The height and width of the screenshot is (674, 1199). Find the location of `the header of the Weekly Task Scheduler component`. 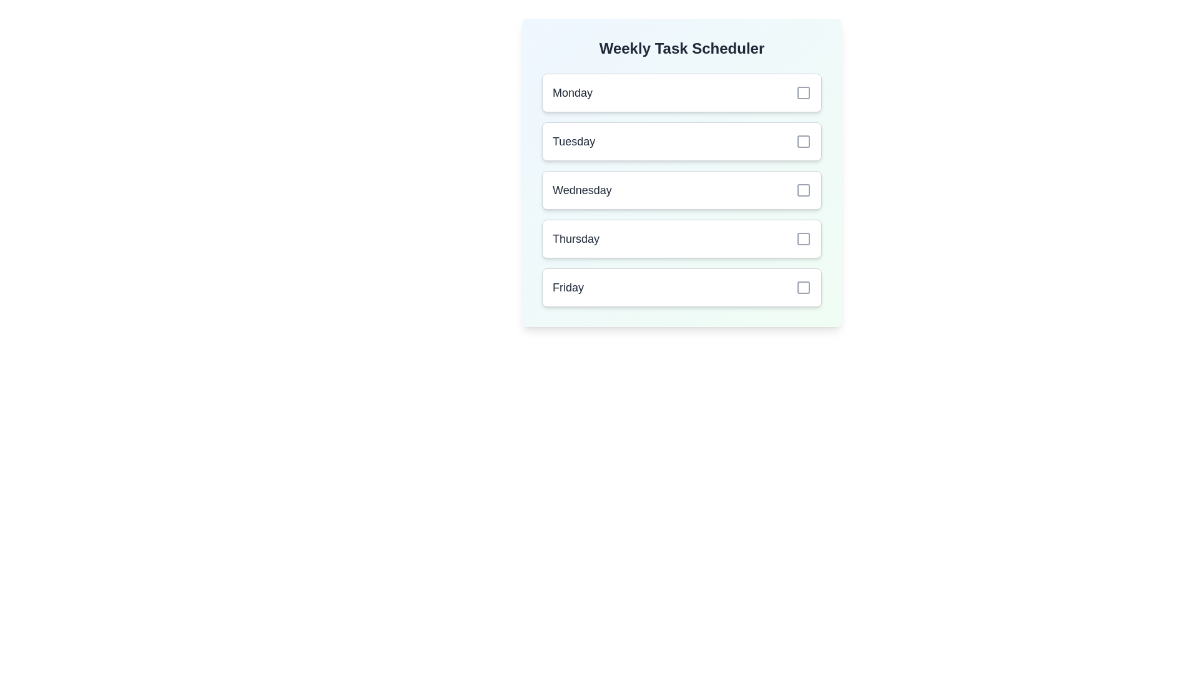

the header of the Weekly Task Scheduler component is located at coordinates (681, 47).